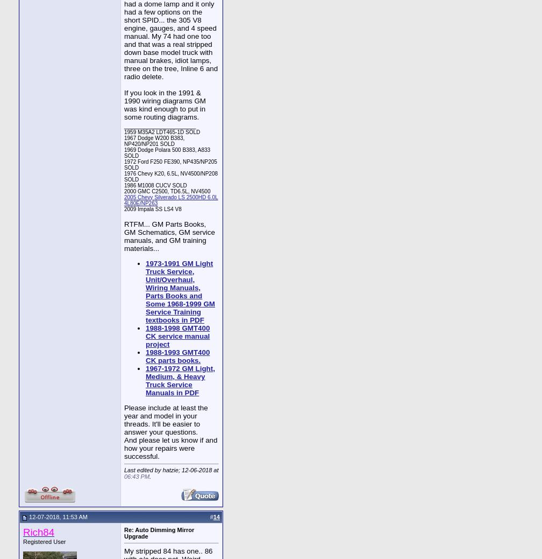  Describe the element at coordinates (124, 164) in the screenshot. I see `'1972 Ford F250 FE390, NP435/NP205 SOLD'` at that location.